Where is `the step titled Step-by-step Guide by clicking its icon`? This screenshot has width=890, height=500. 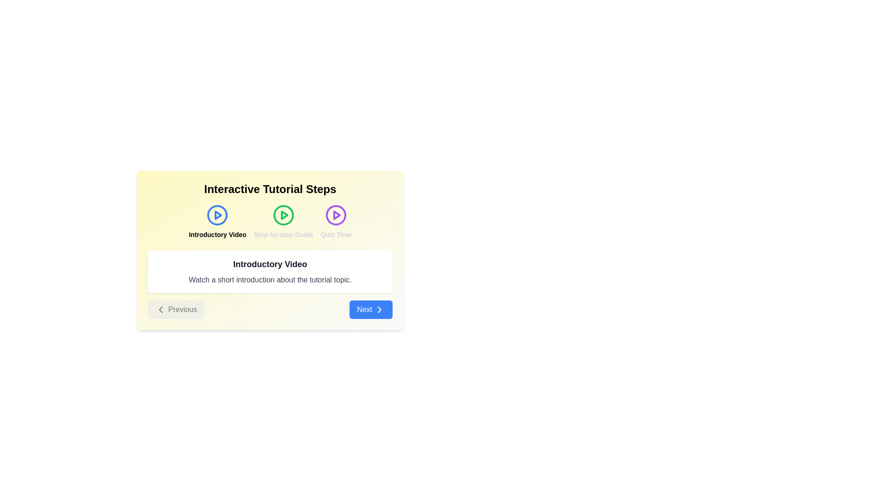 the step titled Step-by-step Guide by clicking its icon is located at coordinates (282, 221).